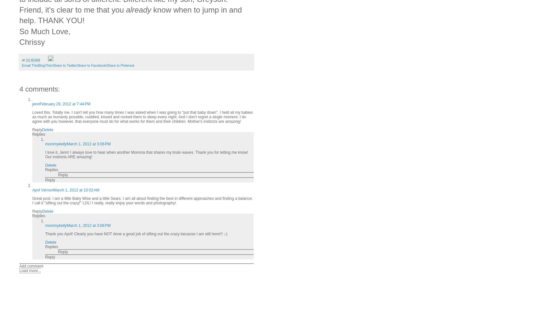  I want to click on 'I love it,  Jenn! I always love to hear when another Momma that shares my brain waves. Thank you for letting me know! Our instincts ARE amazing!', so click(45, 155).